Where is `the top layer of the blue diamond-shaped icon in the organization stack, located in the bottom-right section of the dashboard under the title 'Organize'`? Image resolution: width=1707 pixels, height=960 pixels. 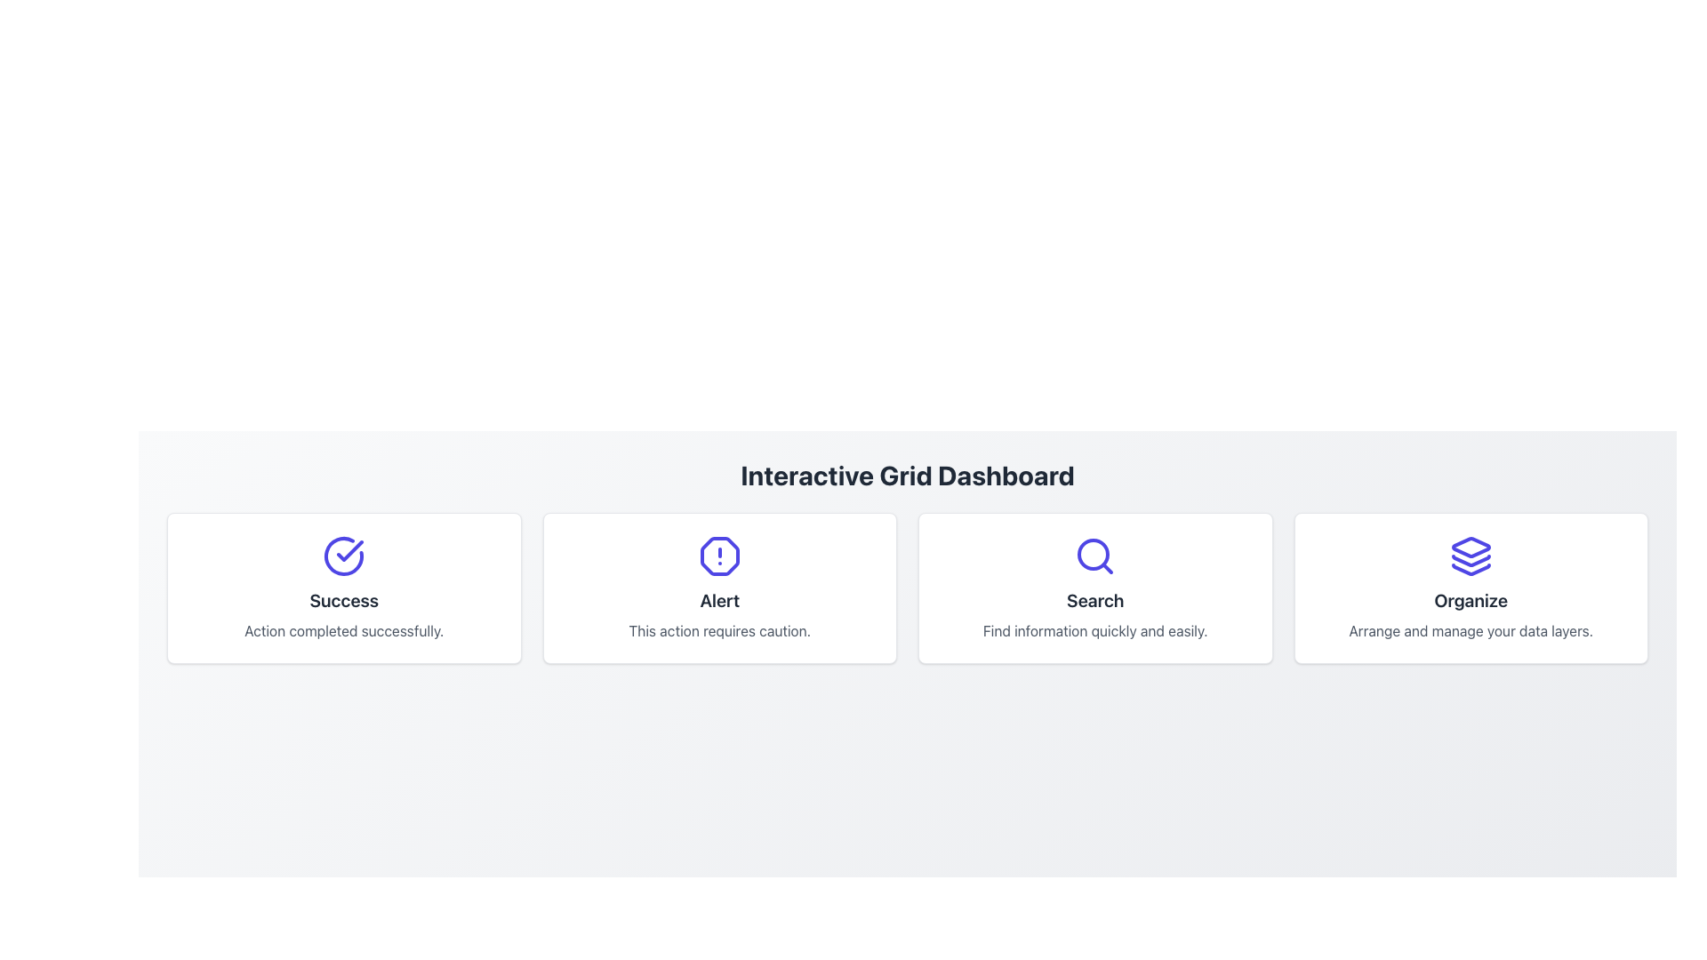
the top layer of the blue diamond-shaped icon in the organization stack, located in the bottom-right section of the dashboard under the title 'Organize' is located at coordinates (1471, 547).